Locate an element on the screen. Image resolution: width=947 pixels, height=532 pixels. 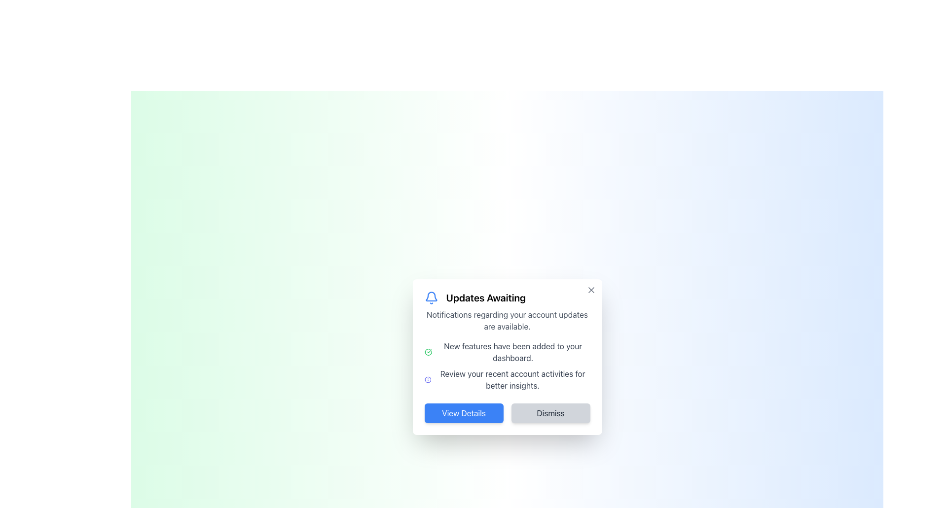
the static text label that is styled with a smaller font size and gray color, located below the heading 'Updates Awaiting' and above additional feature descriptions is located at coordinates (507, 321).